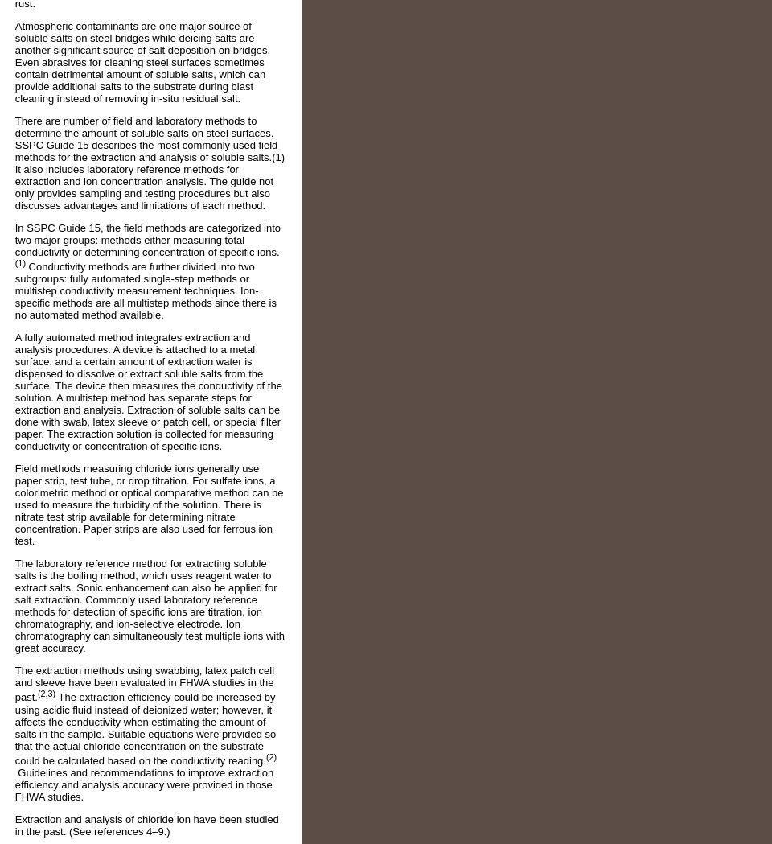 This screenshot has height=844, width=772. What do you see at coordinates (144, 728) in the screenshot?
I see `'The extraction efficiency could  be increased by using acidic fluid instead of deionized water; however, it affects  the conductivity when estimating the amount of salts in the sample. Suitable equations  were provided so that the actual chloride concentration on the substrate could  be calculated based on the conductivity reading.'` at bounding box center [144, 728].